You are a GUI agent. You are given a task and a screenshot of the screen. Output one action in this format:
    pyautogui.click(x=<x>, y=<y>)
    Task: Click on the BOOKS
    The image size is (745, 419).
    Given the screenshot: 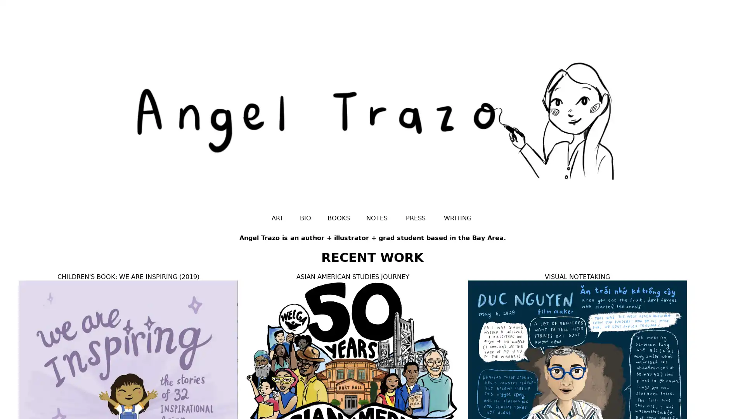 What is the action you would take?
    pyautogui.click(x=339, y=218)
    